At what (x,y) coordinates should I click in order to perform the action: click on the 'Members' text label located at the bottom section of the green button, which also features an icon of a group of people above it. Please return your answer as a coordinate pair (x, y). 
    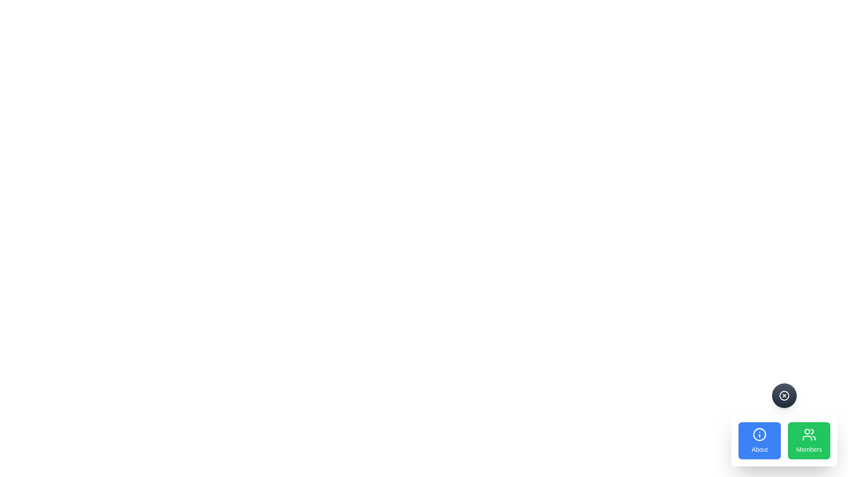
    Looking at the image, I should click on (809, 450).